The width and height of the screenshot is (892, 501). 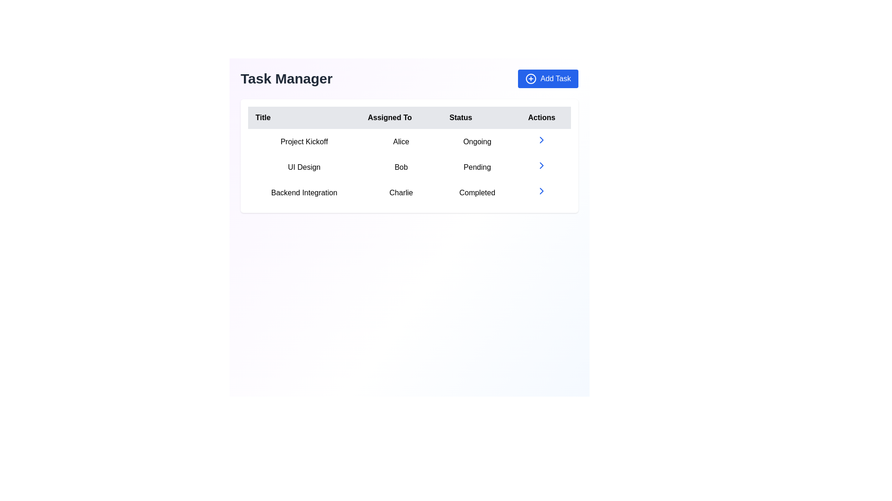 I want to click on the 'Task Manager' text label, which displays in a bold, large font and is located at the top-left corner of the interface, so click(x=286, y=78).